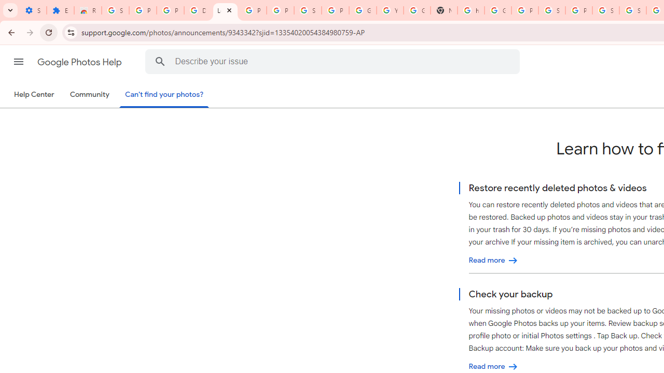 The width and height of the screenshot is (664, 373). I want to click on 'Sign in - Google Accounts', so click(606, 10).